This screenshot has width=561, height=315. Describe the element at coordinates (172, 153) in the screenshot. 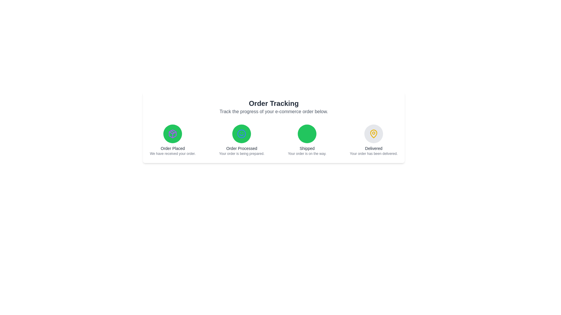

I see `the text component that reads 'We have received your order.' located directly beneath the 'Order Placed' heading` at that location.